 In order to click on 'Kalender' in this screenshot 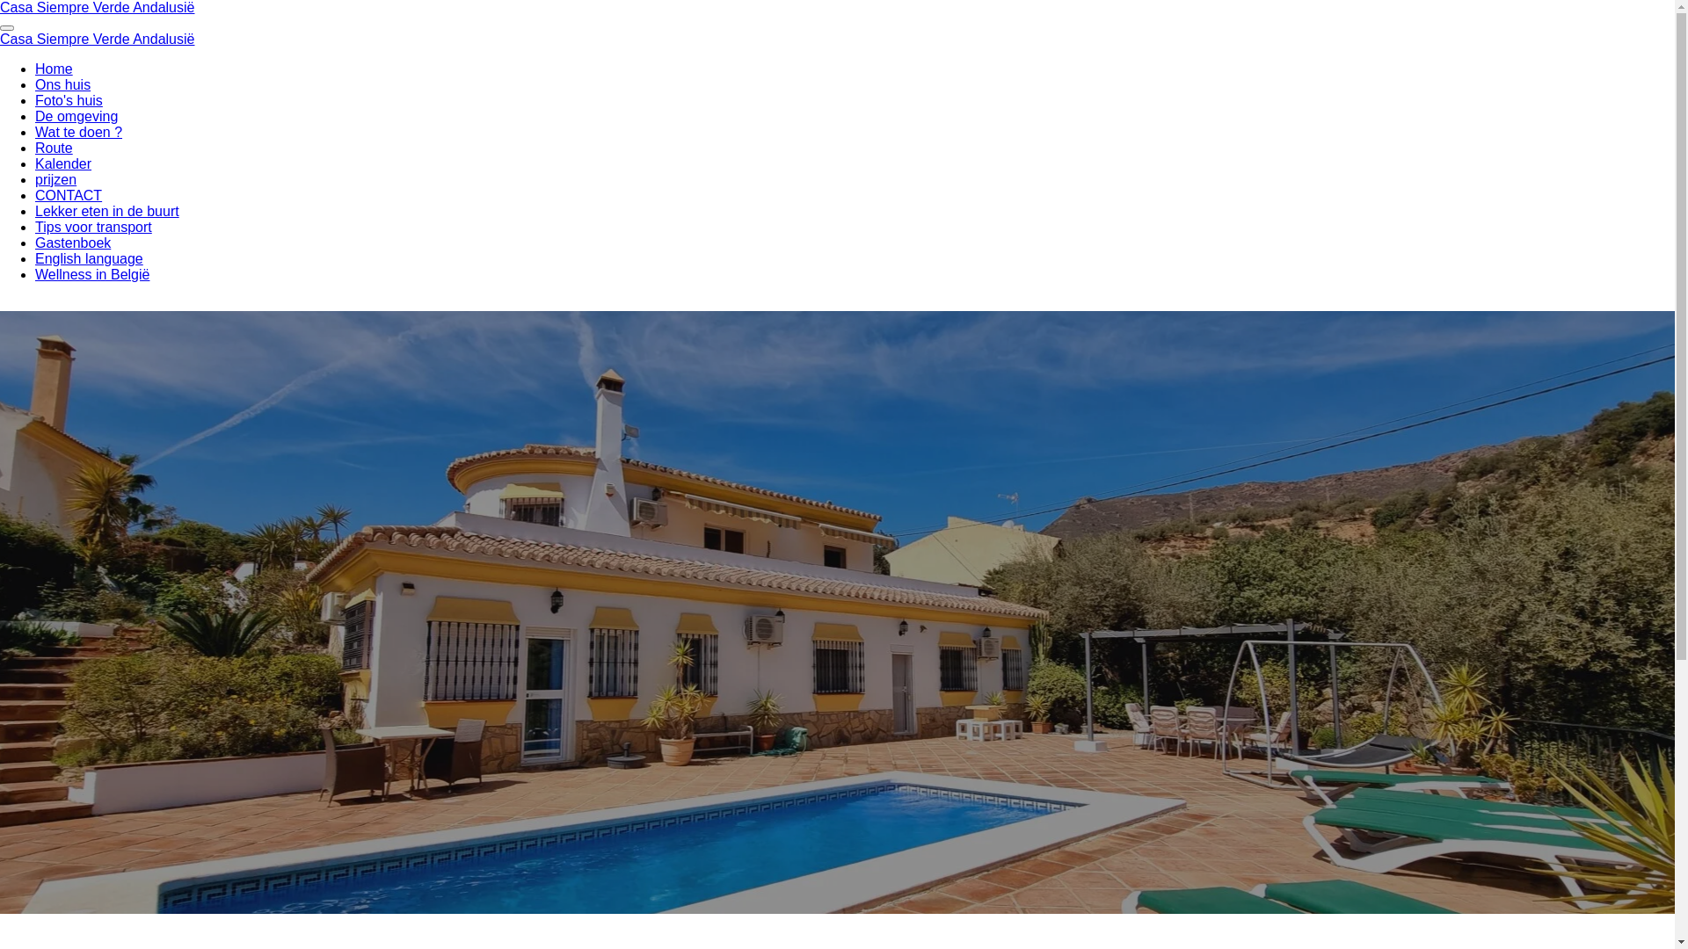, I will do `click(63, 163)`.